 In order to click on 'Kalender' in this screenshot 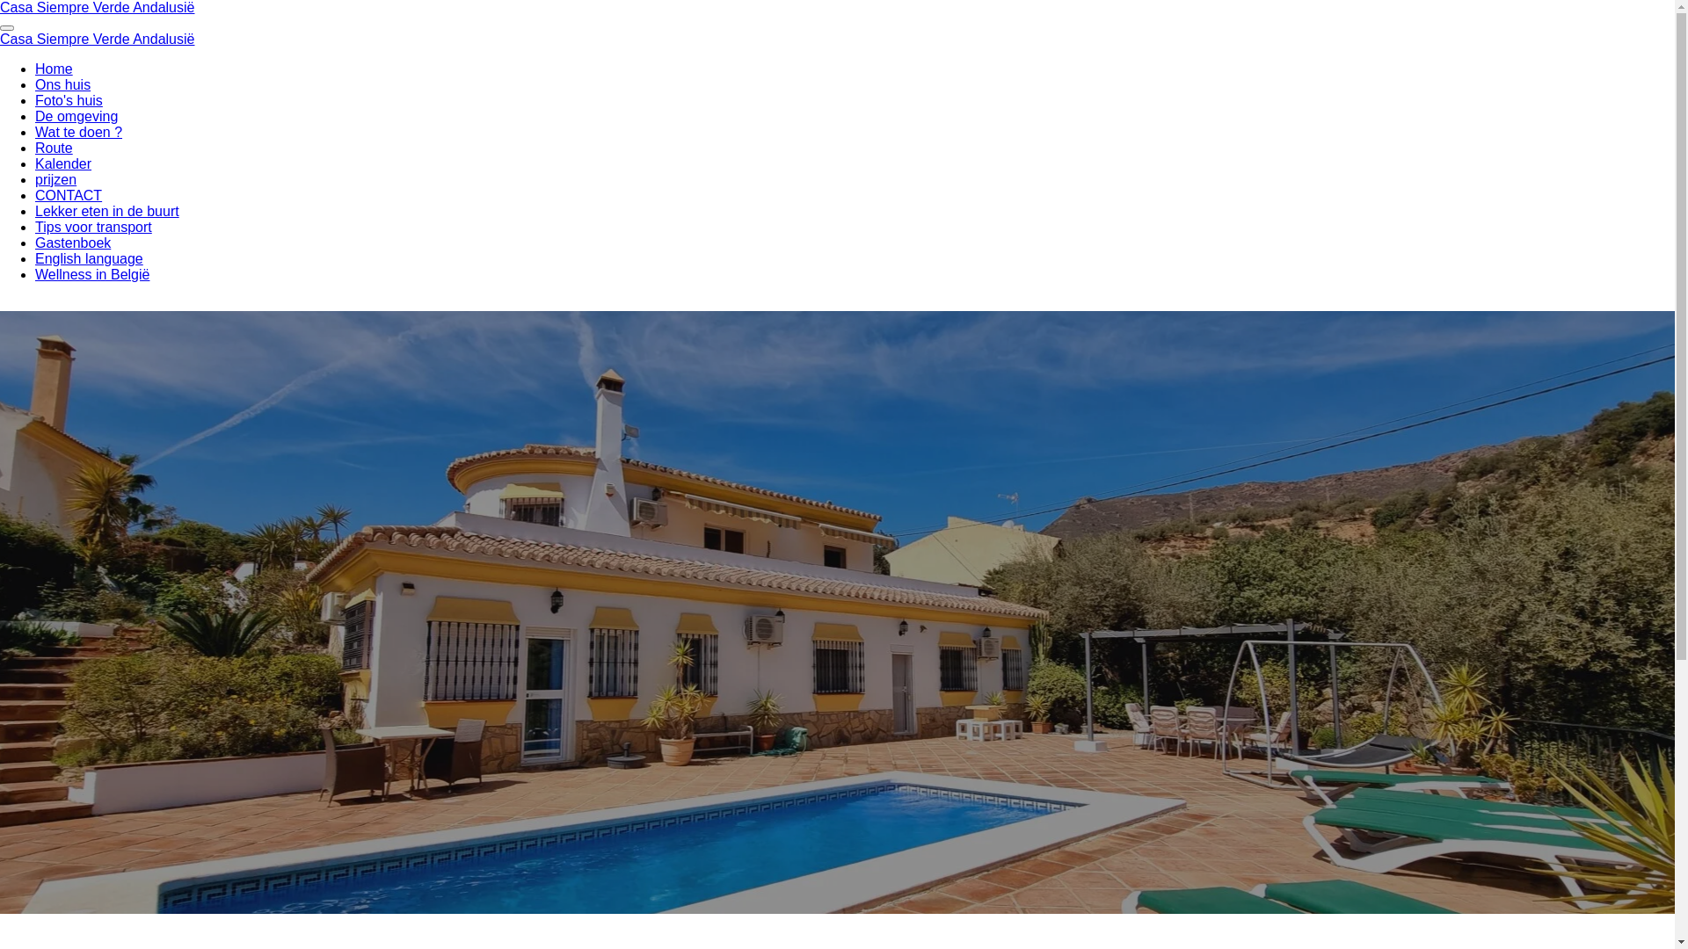, I will do `click(63, 163)`.